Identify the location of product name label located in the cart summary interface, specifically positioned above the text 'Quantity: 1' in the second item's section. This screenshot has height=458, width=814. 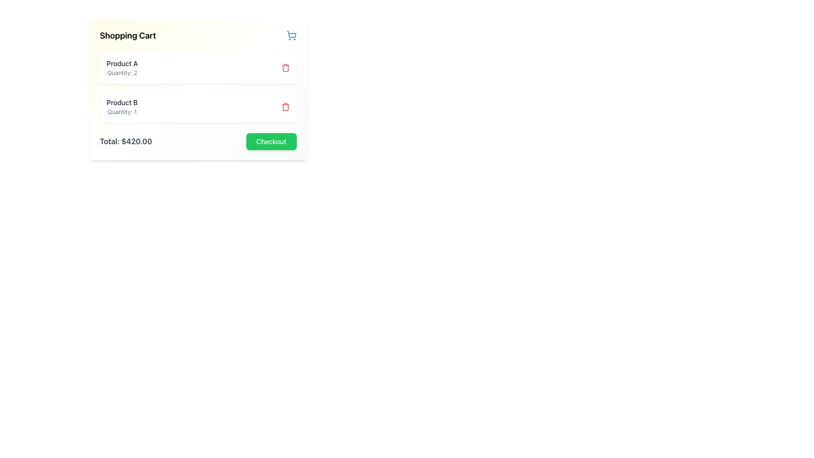
(122, 102).